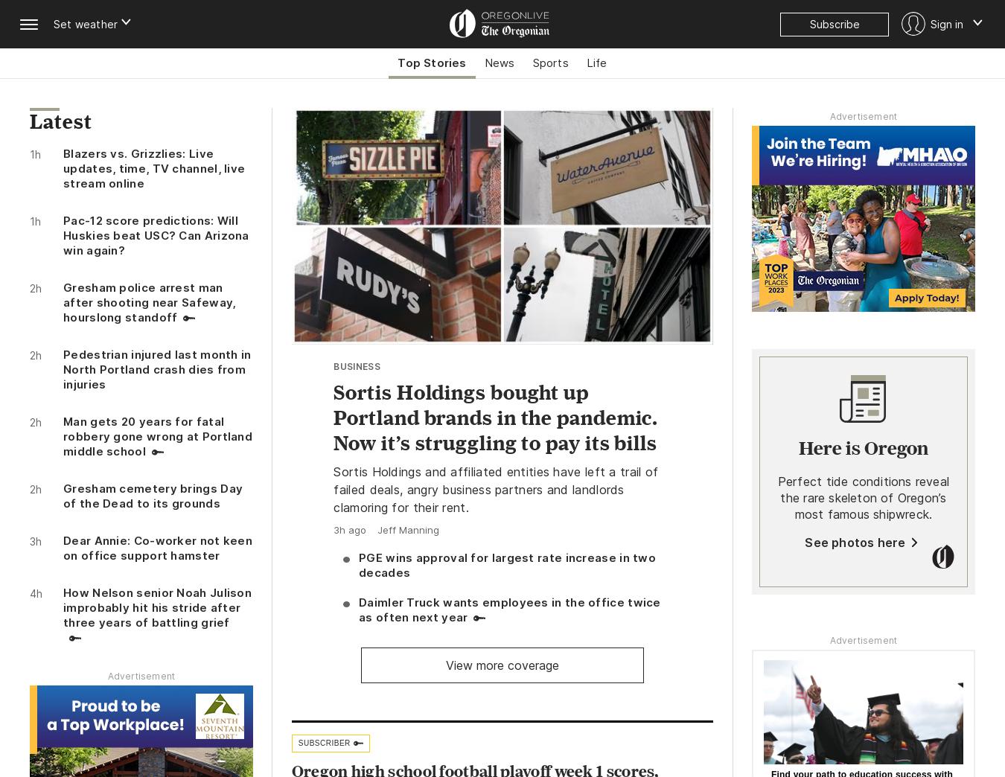 The height and width of the screenshot is (777, 1005). What do you see at coordinates (506, 565) in the screenshot?
I see `'PGE wins approval for largest rate increase in two decades'` at bounding box center [506, 565].